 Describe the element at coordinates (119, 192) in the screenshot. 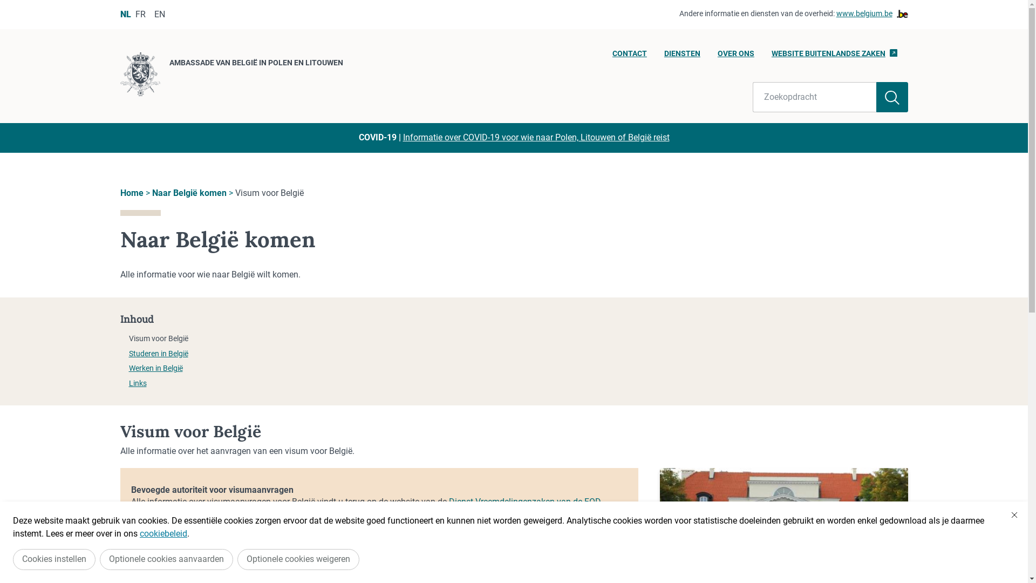

I see `'Home'` at that location.